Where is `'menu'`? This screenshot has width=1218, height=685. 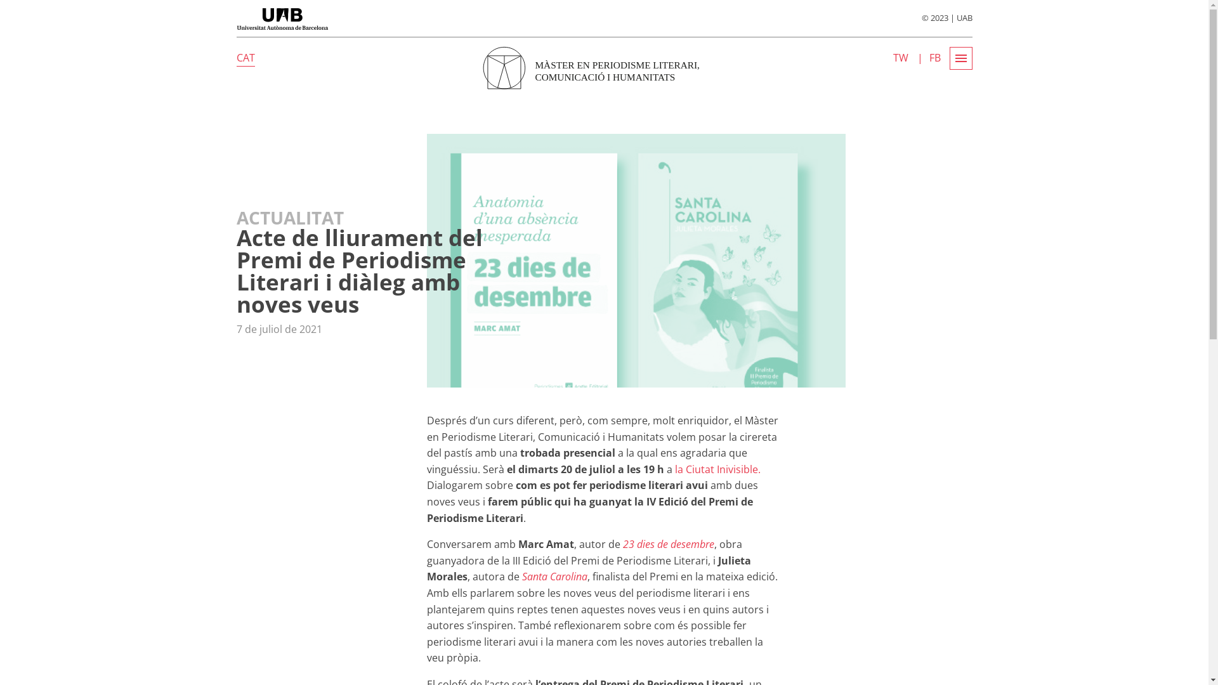
'menu' is located at coordinates (960, 58).